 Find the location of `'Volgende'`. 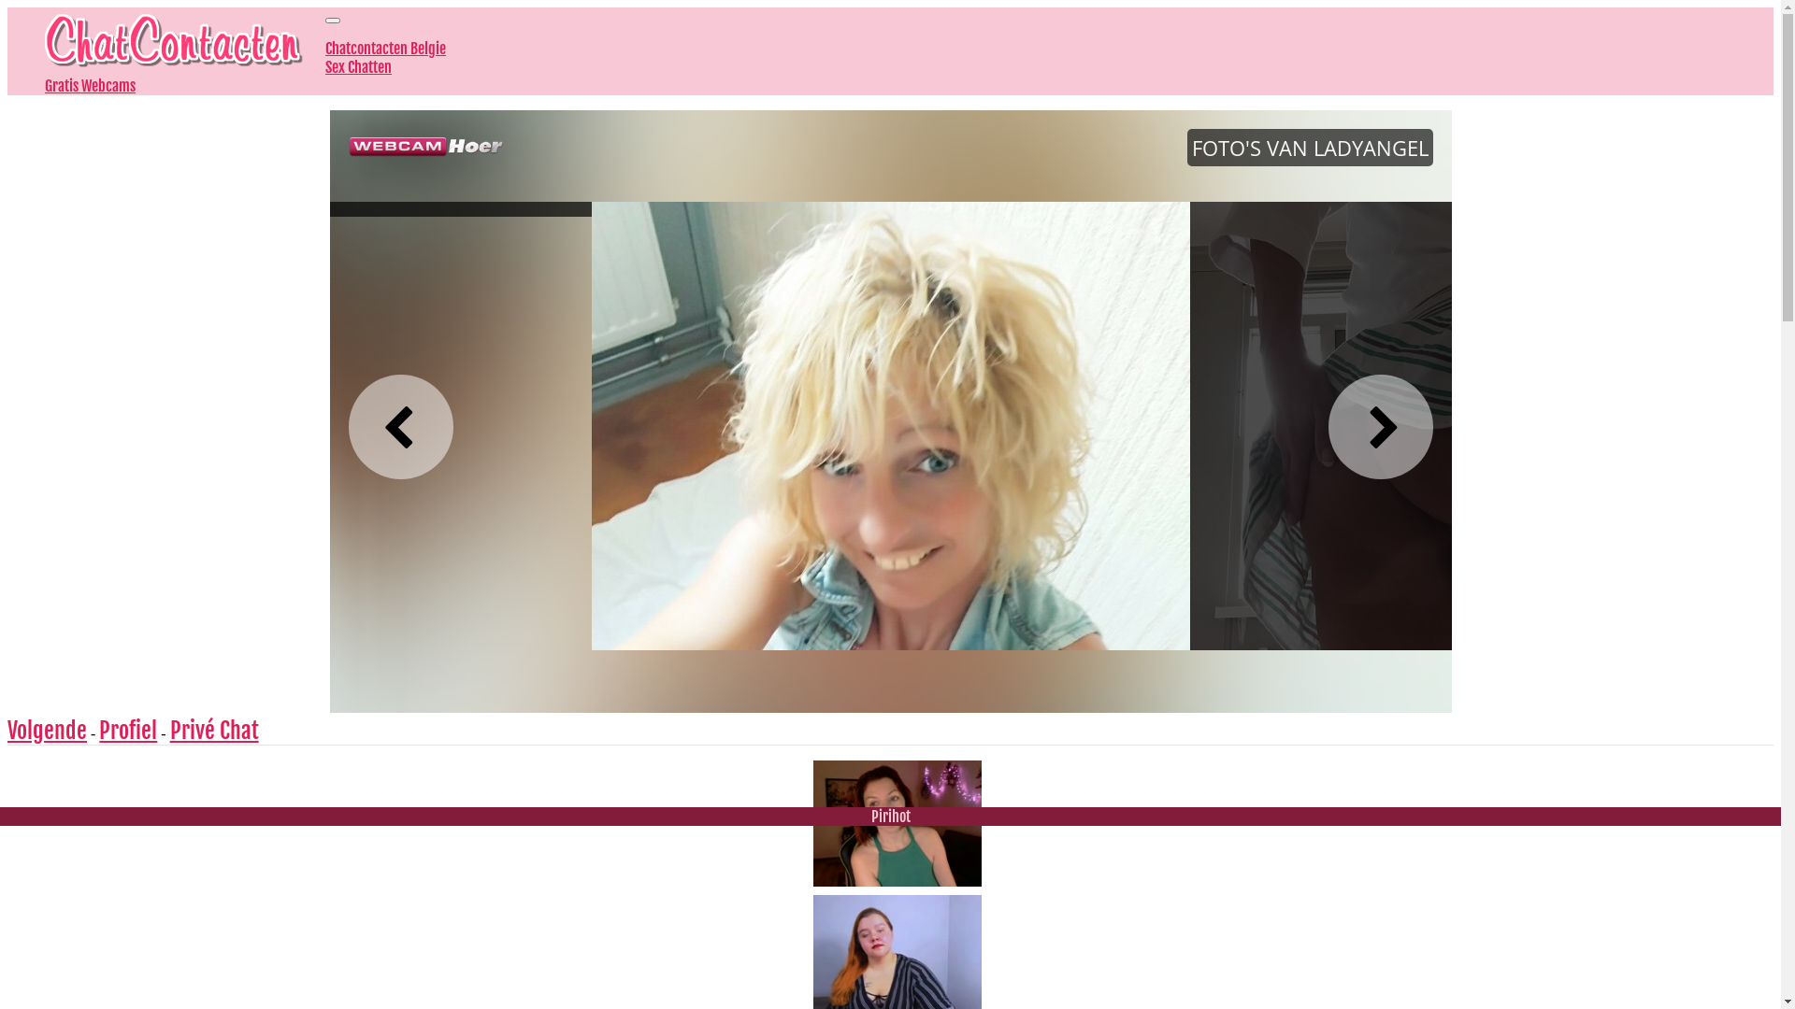

'Volgende' is located at coordinates (47, 730).